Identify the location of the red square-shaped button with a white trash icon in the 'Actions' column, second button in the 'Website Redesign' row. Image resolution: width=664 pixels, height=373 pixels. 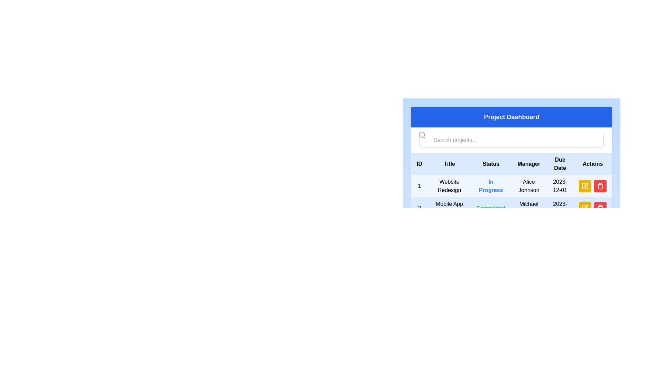
(600, 186).